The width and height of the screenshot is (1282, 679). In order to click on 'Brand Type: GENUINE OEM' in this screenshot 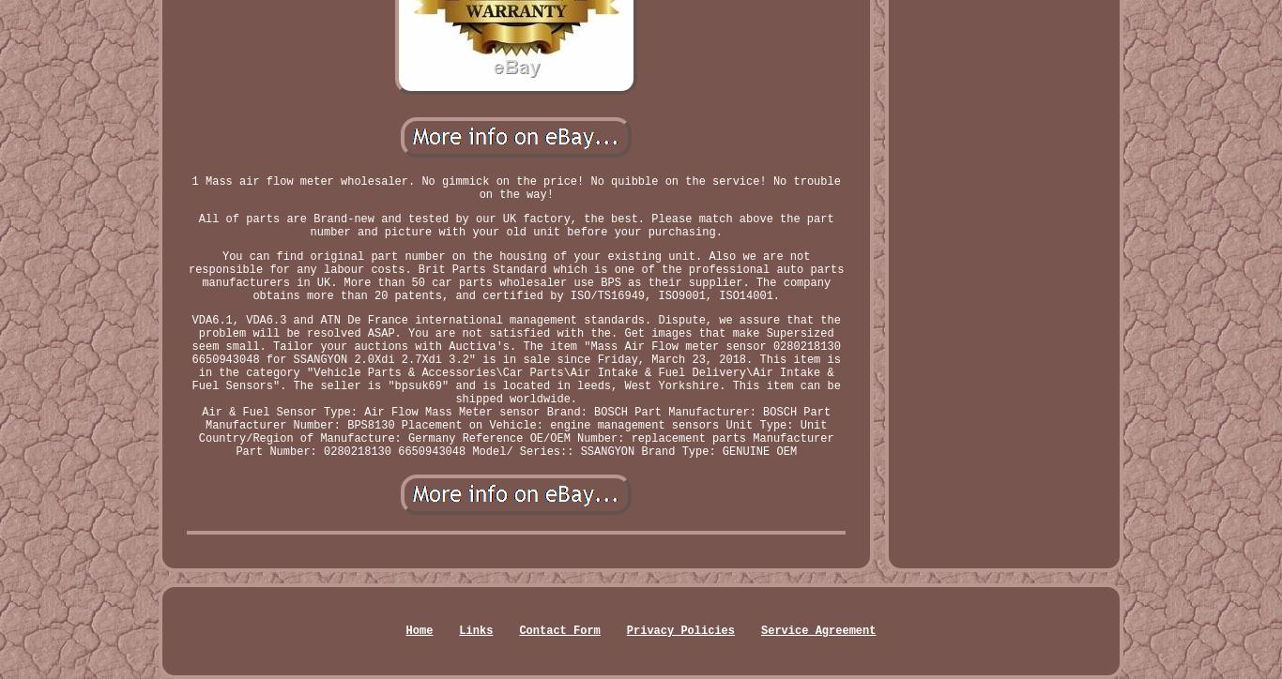, I will do `click(641, 450)`.